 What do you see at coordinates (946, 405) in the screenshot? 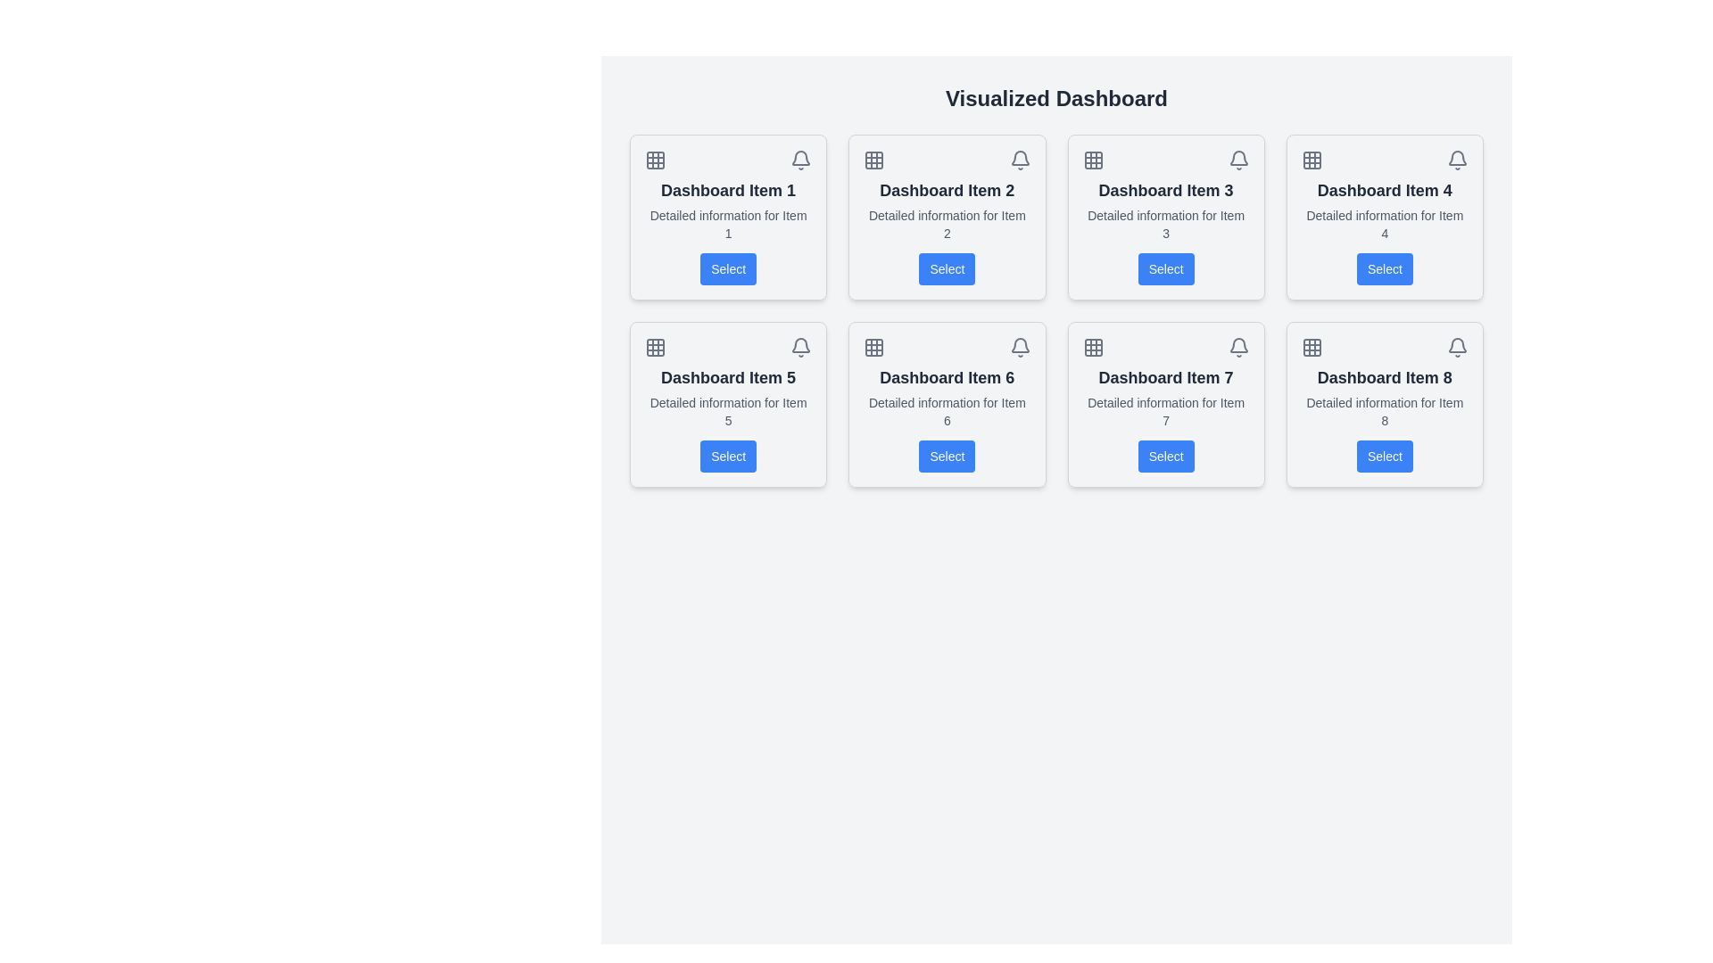
I see `the 'Select' button located at the bottom of the Card component that has the header 'Dashboard Item 6' and subtext 'Detailed information for Item 6'` at bounding box center [946, 405].